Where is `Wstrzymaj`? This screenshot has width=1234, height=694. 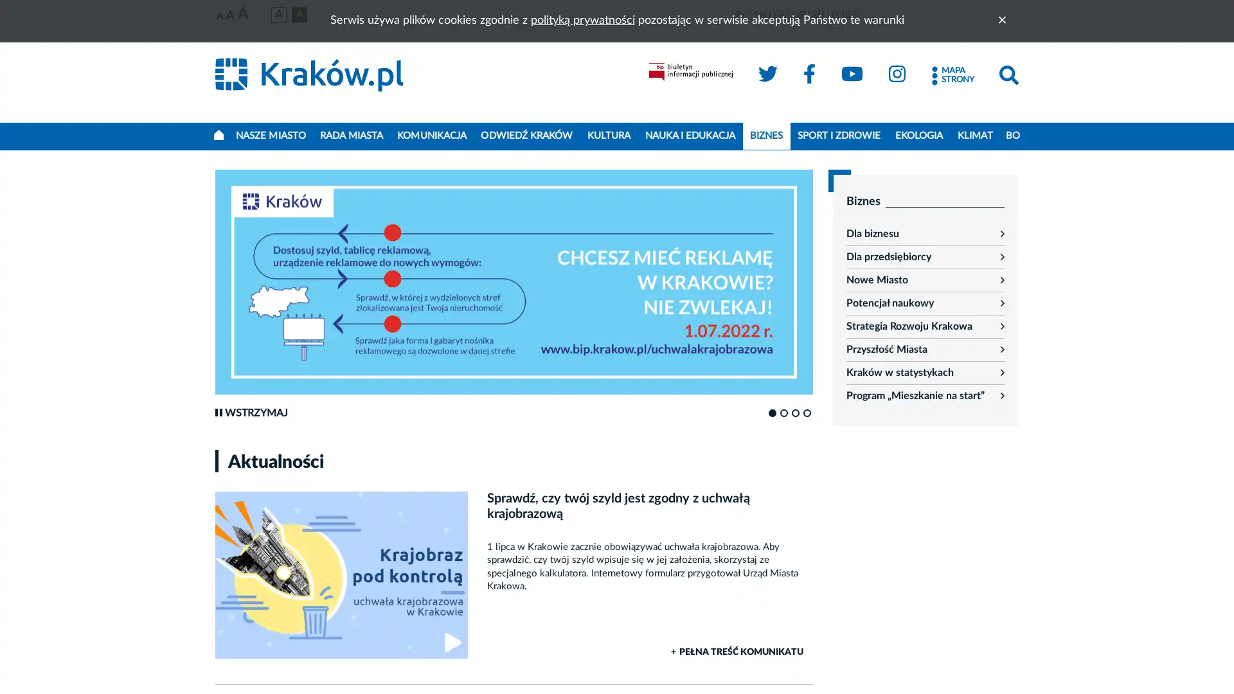 Wstrzymaj is located at coordinates (251, 413).